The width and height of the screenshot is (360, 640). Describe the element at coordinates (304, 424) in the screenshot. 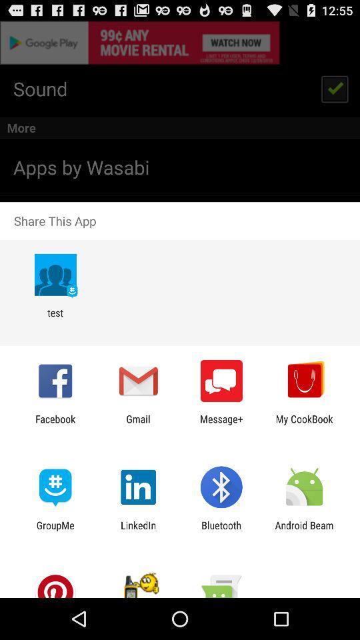

I see `item next to the message+` at that location.